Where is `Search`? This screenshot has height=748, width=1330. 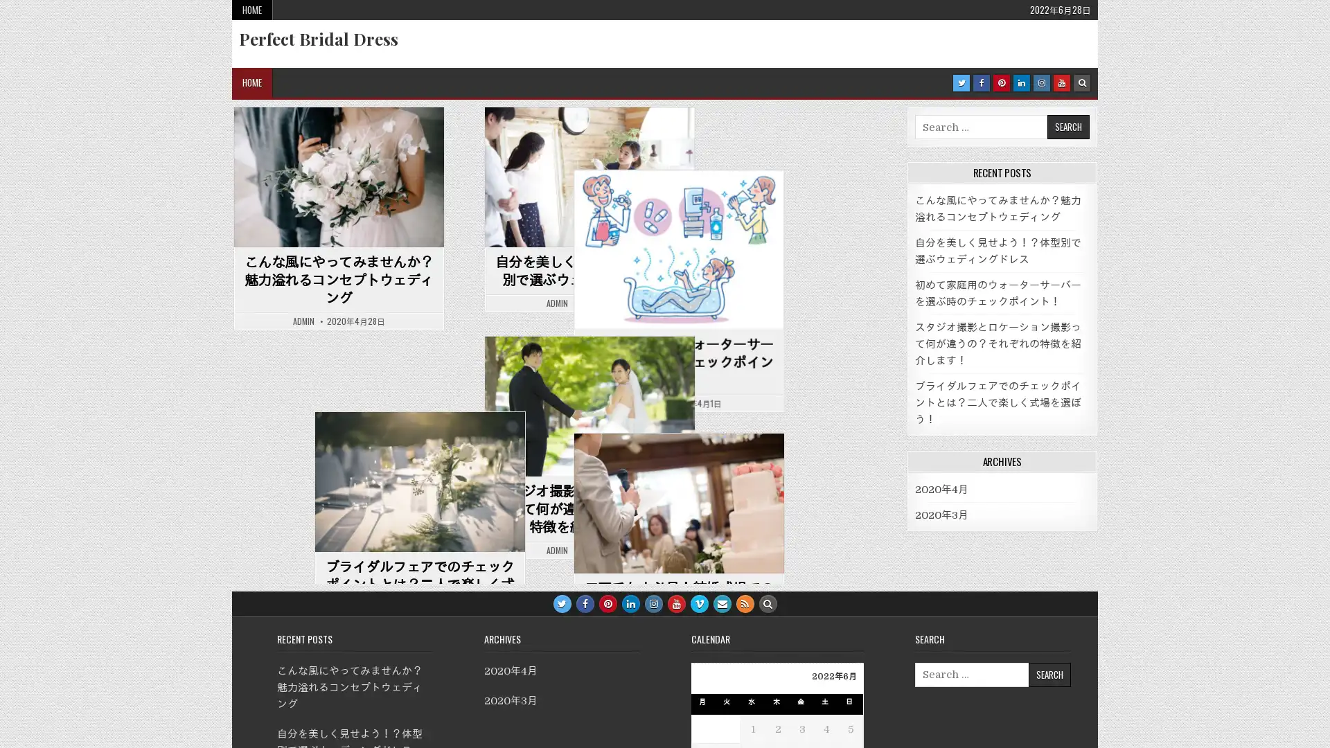 Search is located at coordinates (1049, 673).